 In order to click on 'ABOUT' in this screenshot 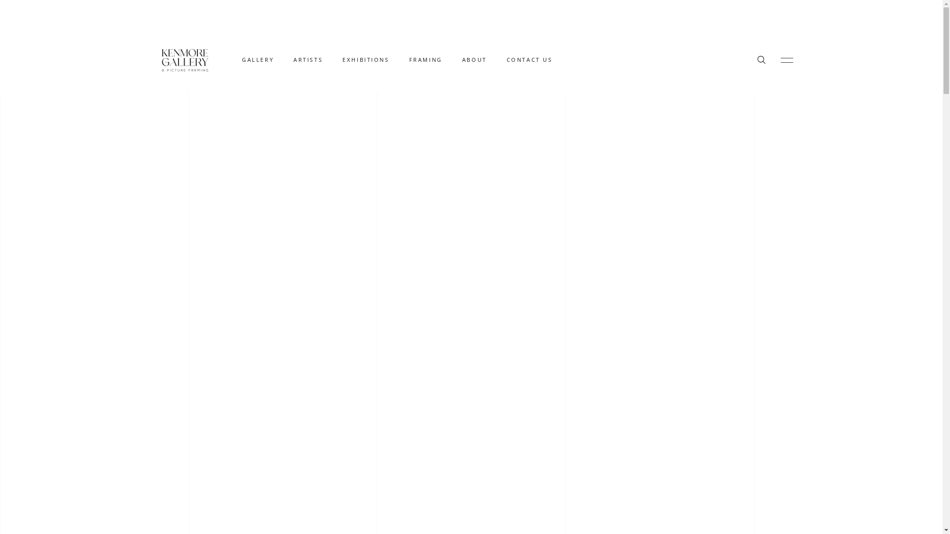, I will do `click(474, 59)`.